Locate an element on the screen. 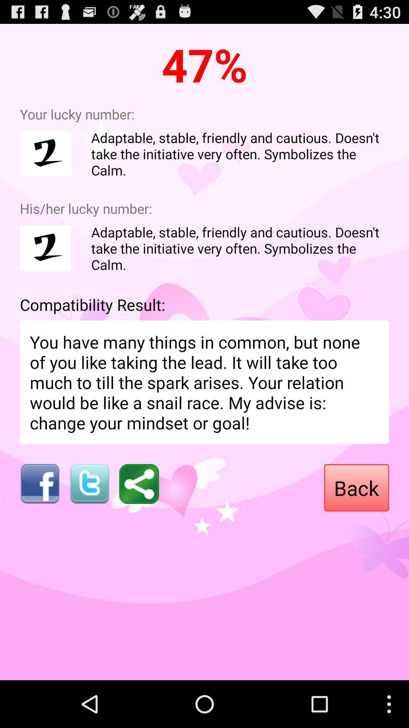  share the results is located at coordinates (139, 483).